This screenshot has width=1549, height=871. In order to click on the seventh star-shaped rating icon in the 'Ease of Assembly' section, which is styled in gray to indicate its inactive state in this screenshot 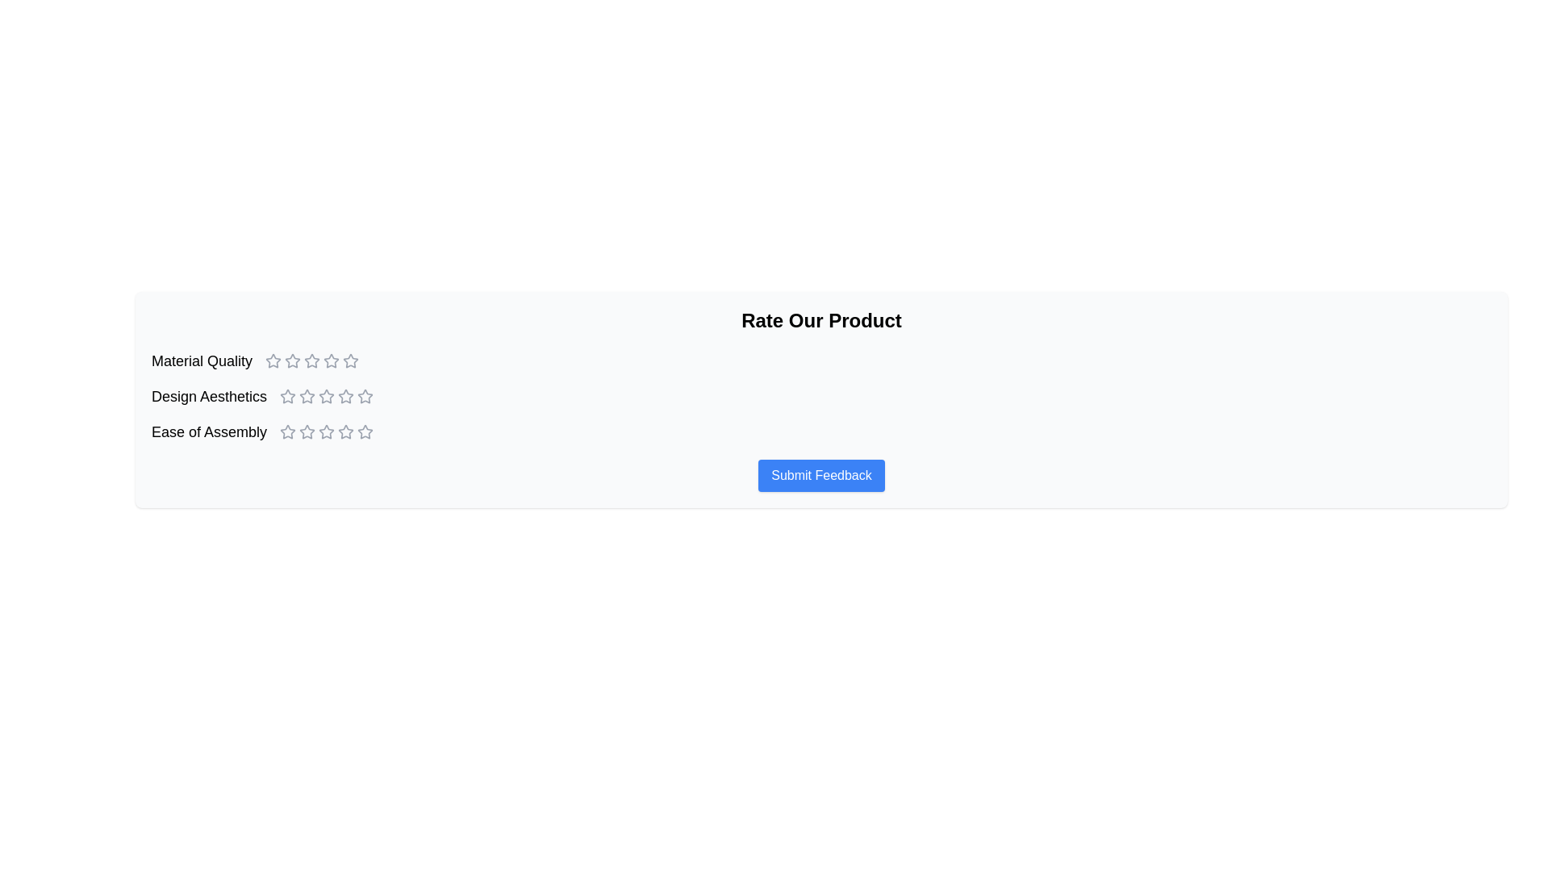, I will do `click(345, 431)`.